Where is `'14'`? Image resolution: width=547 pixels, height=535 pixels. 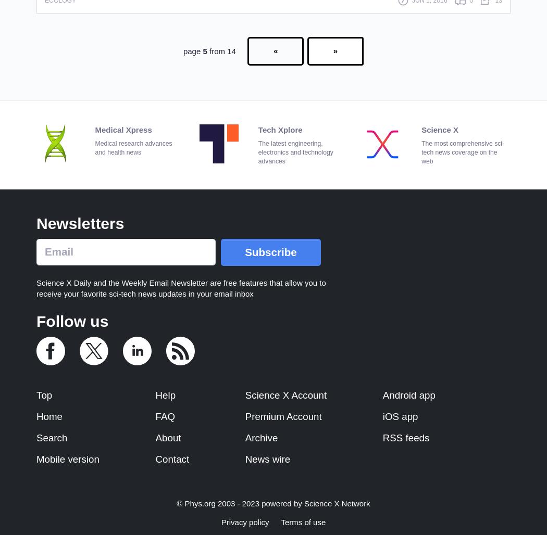
'14' is located at coordinates (231, 50).